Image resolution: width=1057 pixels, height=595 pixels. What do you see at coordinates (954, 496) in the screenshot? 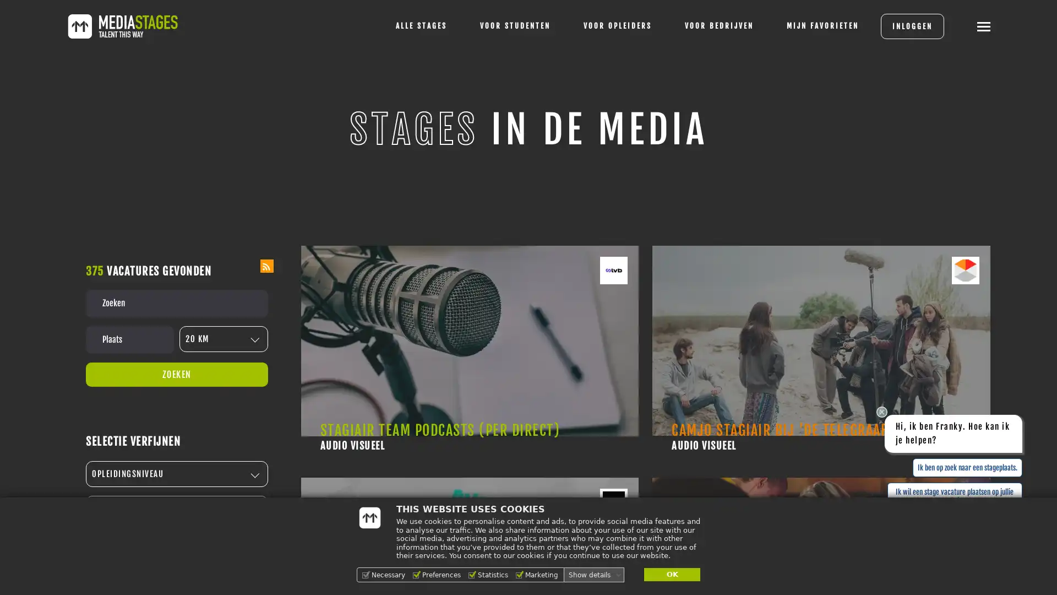
I see `Ik wil een stage vacature plaatsen op jullie website.` at bounding box center [954, 496].